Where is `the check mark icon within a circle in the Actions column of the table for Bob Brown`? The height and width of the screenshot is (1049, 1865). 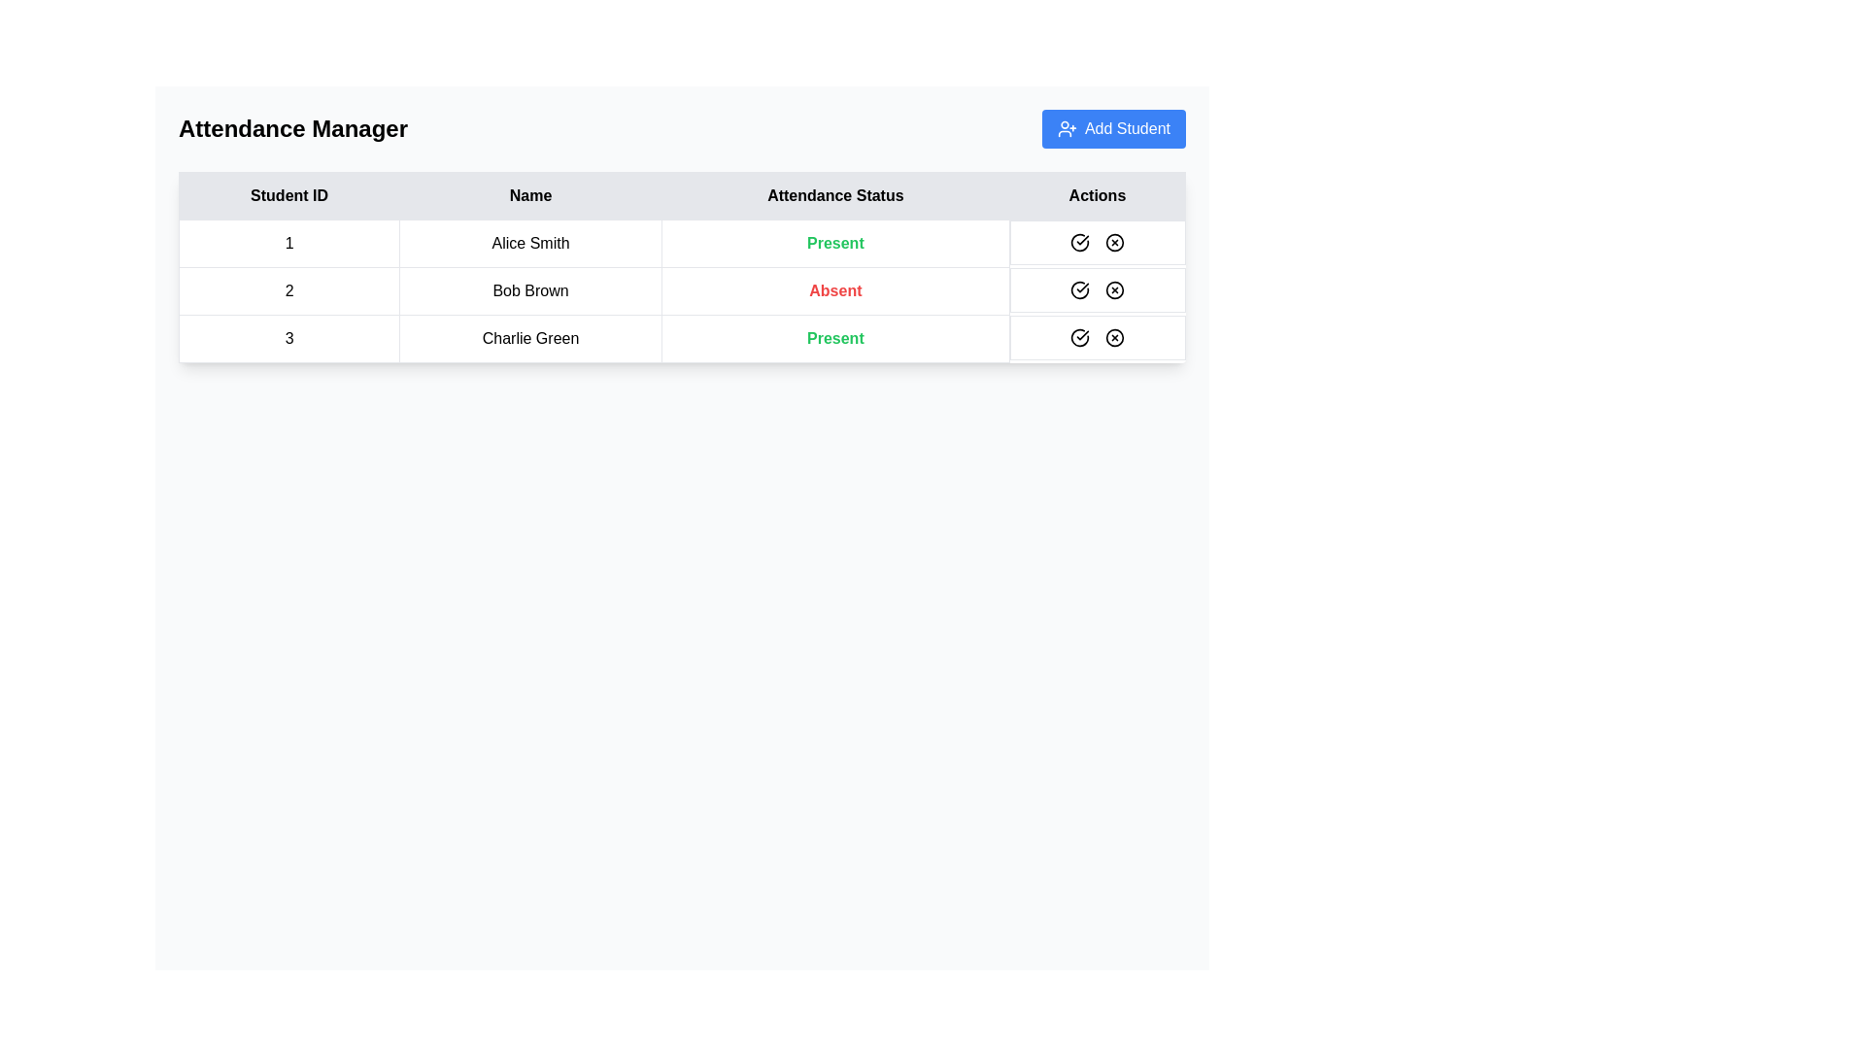
the check mark icon within a circle in the Actions column of the table for Bob Brown is located at coordinates (1079, 242).